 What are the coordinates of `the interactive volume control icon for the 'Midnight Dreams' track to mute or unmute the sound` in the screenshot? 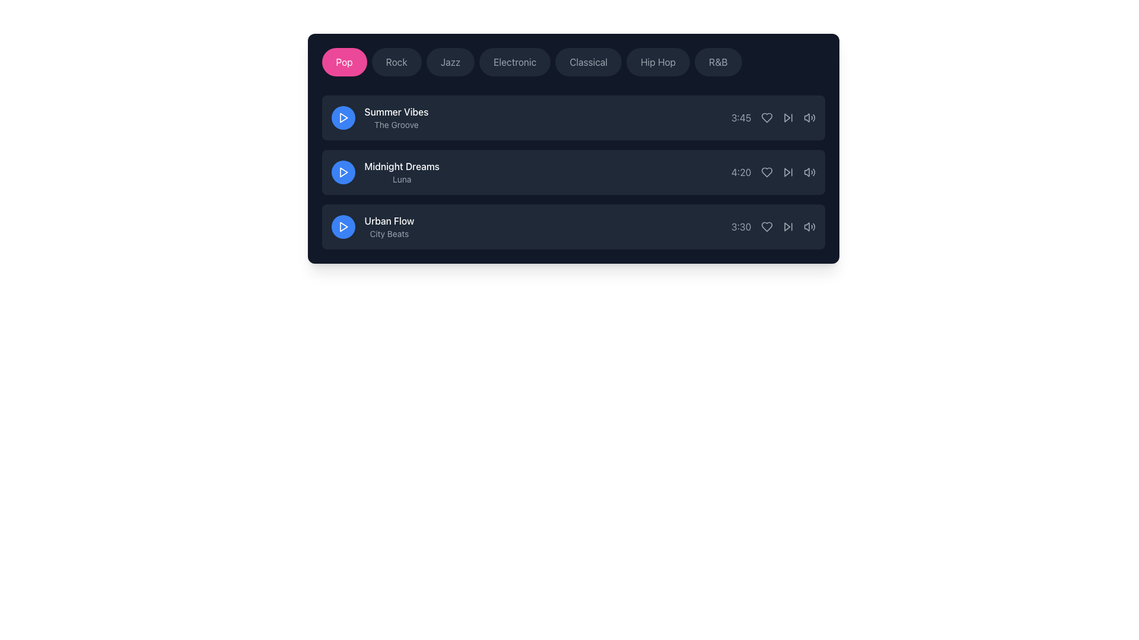 It's located at (809, 172).